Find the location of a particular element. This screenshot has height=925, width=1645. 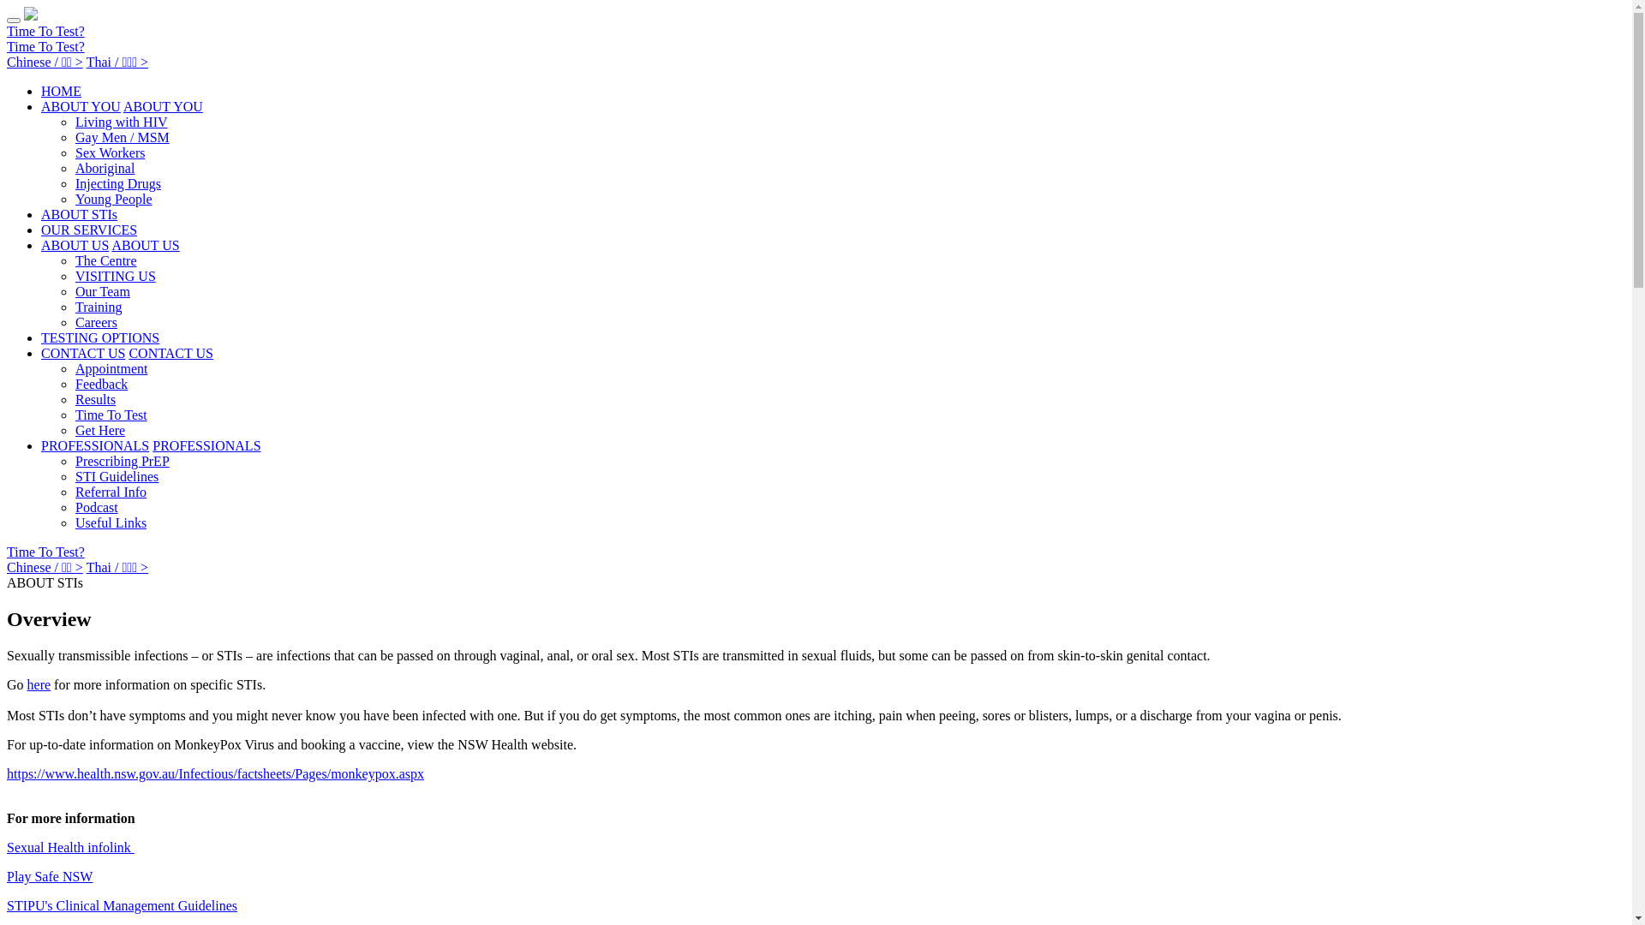

'Podcast' is located at coordinates (96, 506).